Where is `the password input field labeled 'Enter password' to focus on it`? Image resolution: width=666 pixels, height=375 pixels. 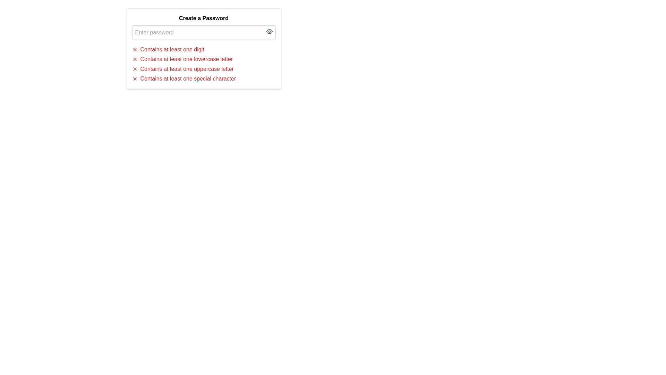
the password input field labeled 'Enter password' to focus on it is located at coordinates (203, 32).